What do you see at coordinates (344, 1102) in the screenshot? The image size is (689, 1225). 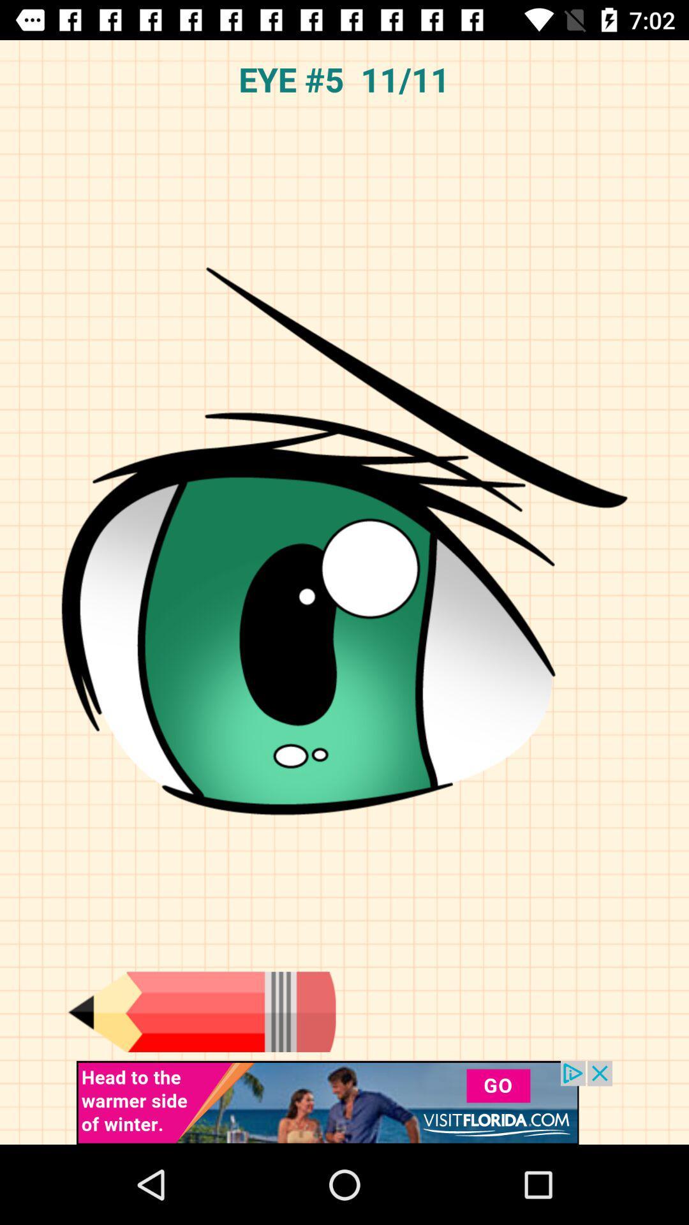 I see `advertisement banner` at bounding box center [344, 1102].